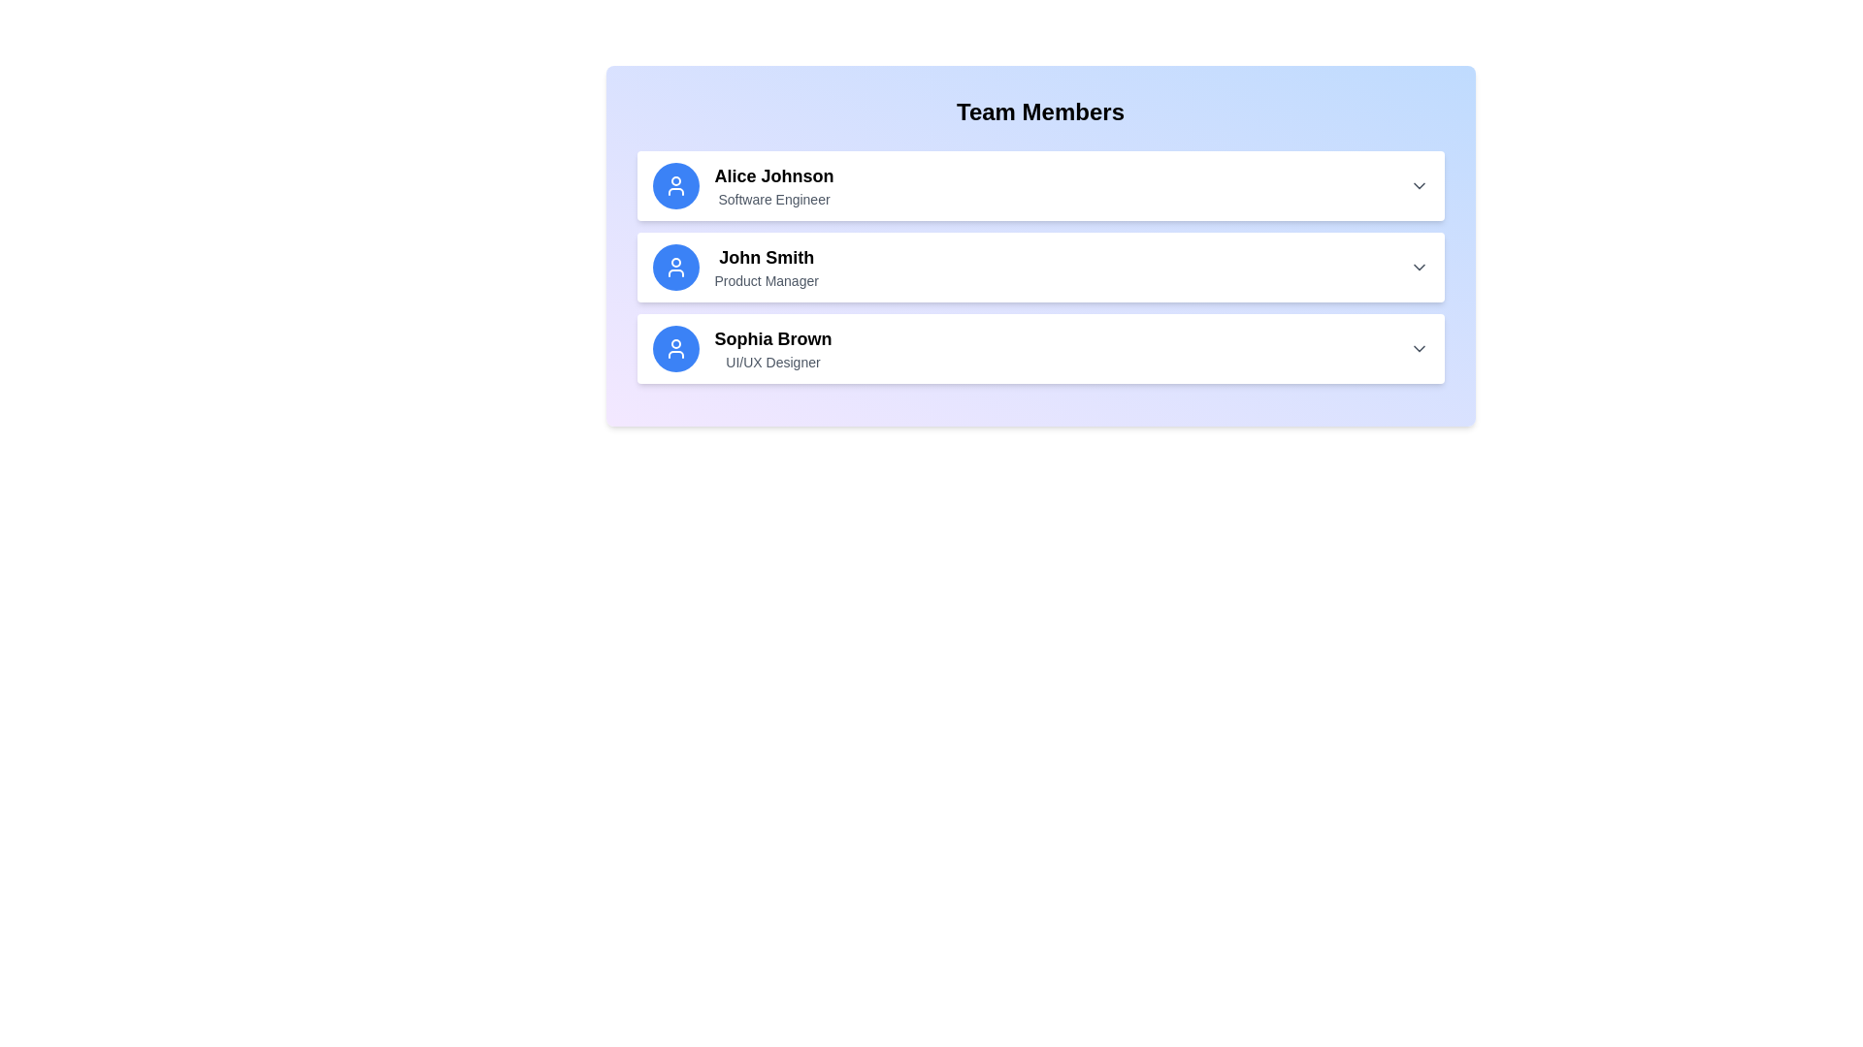  I want to click on the text label displaying 'UI/UX Designer', which is styled in gray and positioned below 'Sophia Brown' in the Team Members list, so click(771, 363).